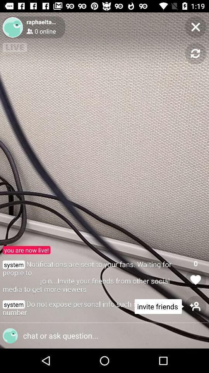 This screenshot has height=373, width=209. Describe the element at coordinates (195, 27) in the screenshot. I see `the close icon` at that location.